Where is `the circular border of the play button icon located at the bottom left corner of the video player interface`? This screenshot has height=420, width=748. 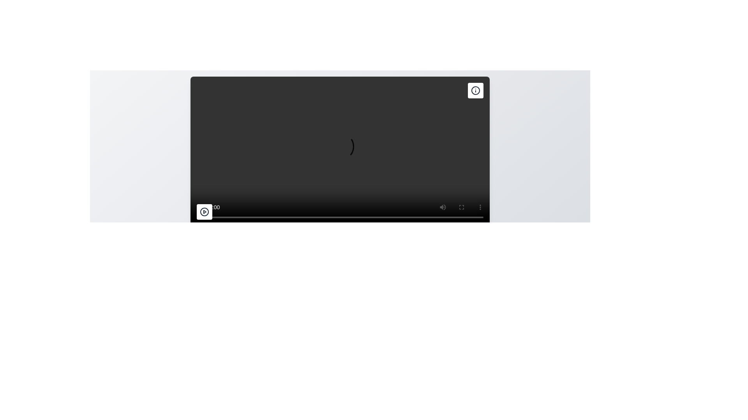 the circular border of the play button icon located at the bottom left corner of the video player interface is located at coordinates (204, 212).